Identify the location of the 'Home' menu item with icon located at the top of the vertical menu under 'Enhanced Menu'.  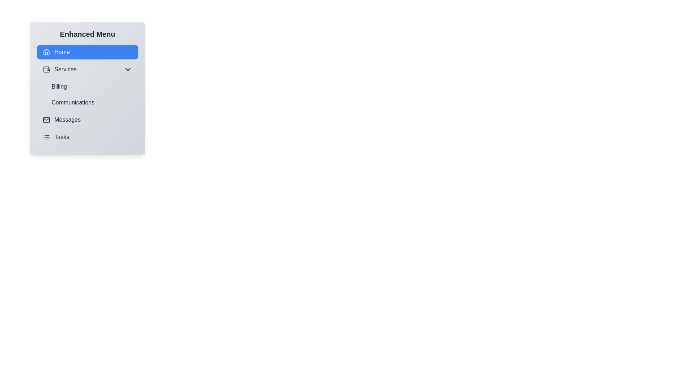
(56, 52).